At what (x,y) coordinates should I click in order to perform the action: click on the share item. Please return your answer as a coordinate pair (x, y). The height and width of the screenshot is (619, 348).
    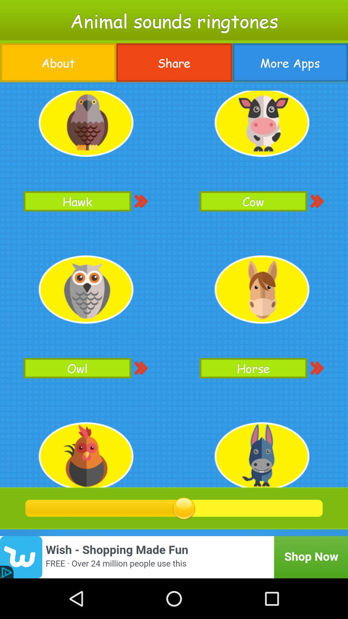
    Looking at the image, I should click on (174, 63).